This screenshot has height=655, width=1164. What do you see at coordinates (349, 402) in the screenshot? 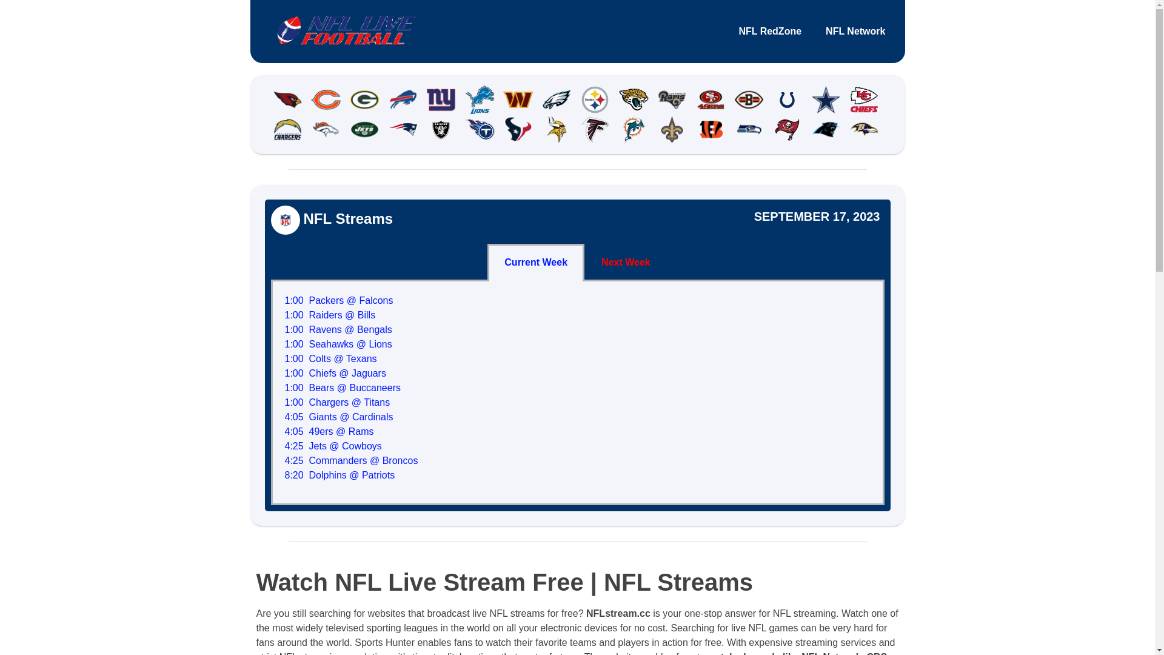
I see `'Chargers @ Titans'` at bounding box center [349, 402].